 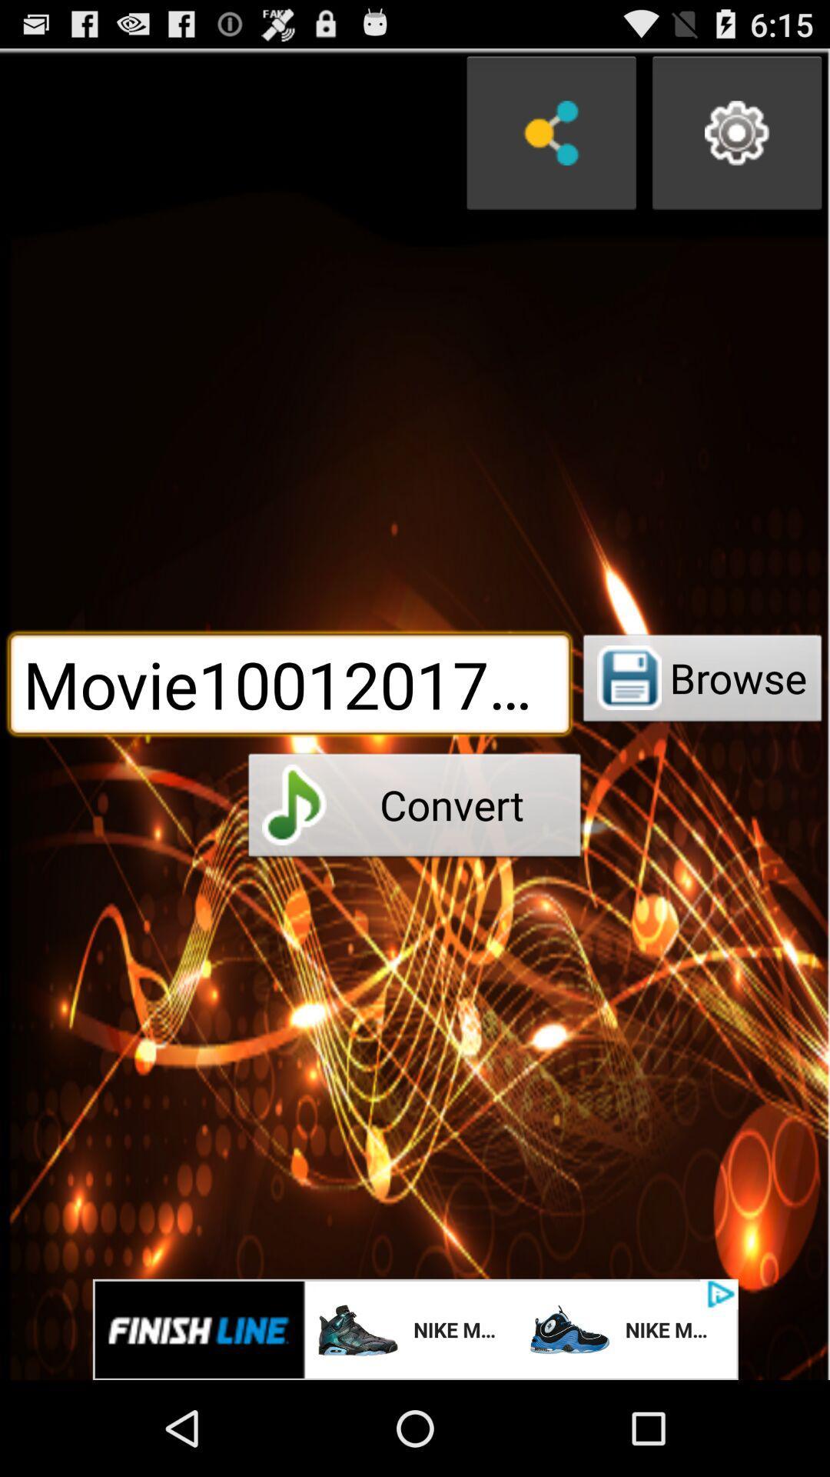 I want to click on open the settings, so click(x=736, y=133).